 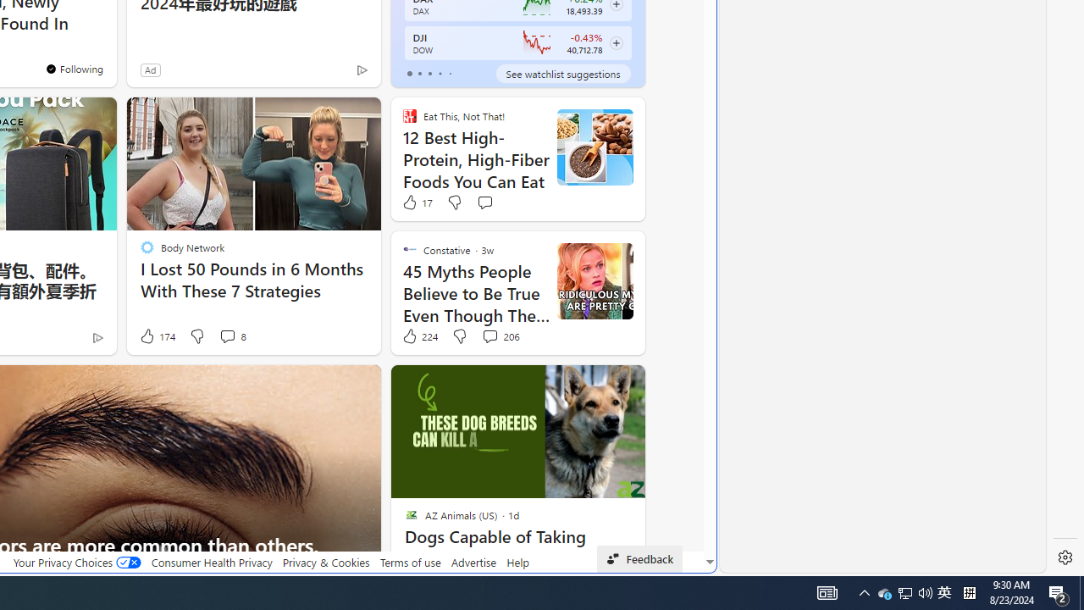 What do you see at coordinates (156, 336) in the screenshot?
I see `'174 Like'` at bounding box center [156, 336].